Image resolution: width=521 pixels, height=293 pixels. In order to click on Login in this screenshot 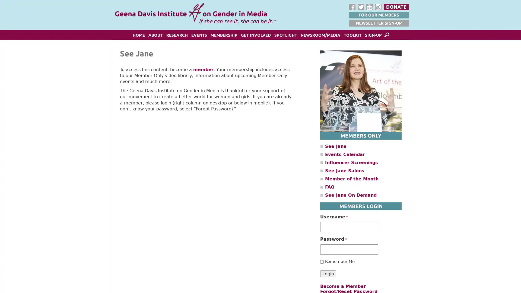, I will do `click(328, 273)`.